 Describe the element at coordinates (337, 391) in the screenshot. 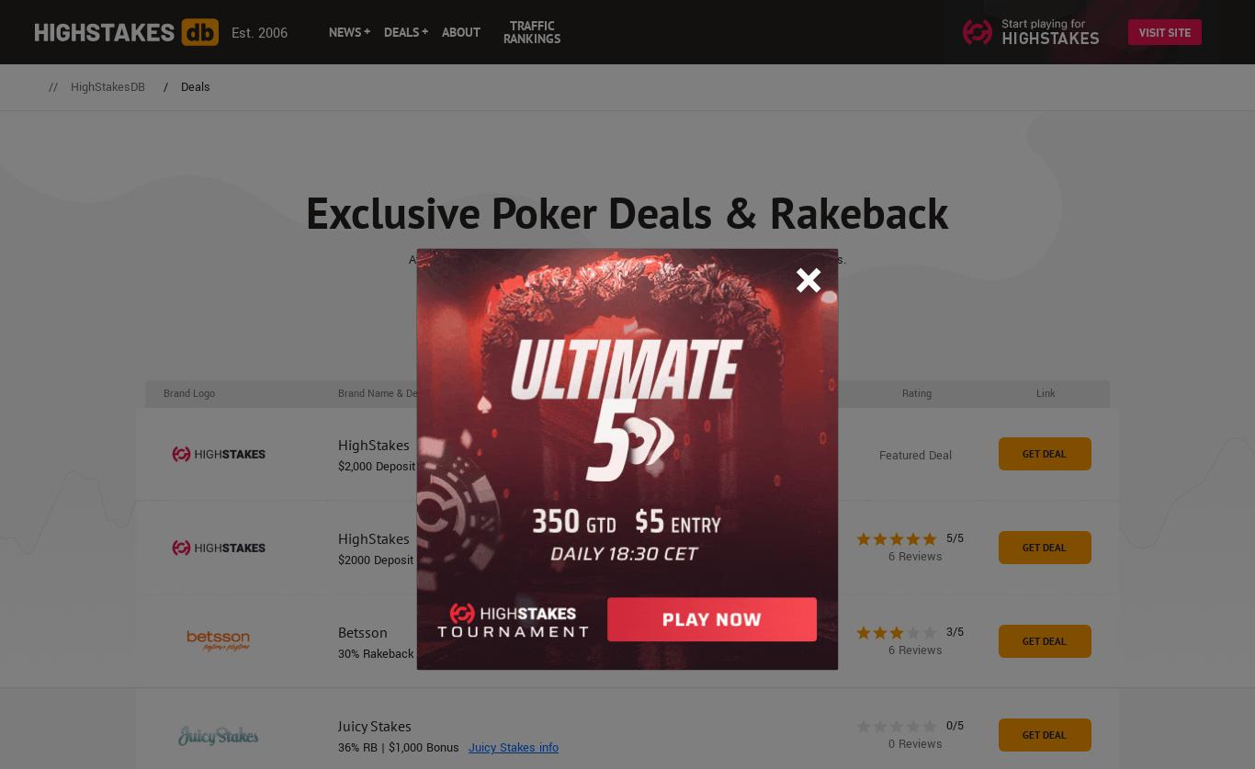

I see `'Brand Name & Deal Highlight'` at that location.